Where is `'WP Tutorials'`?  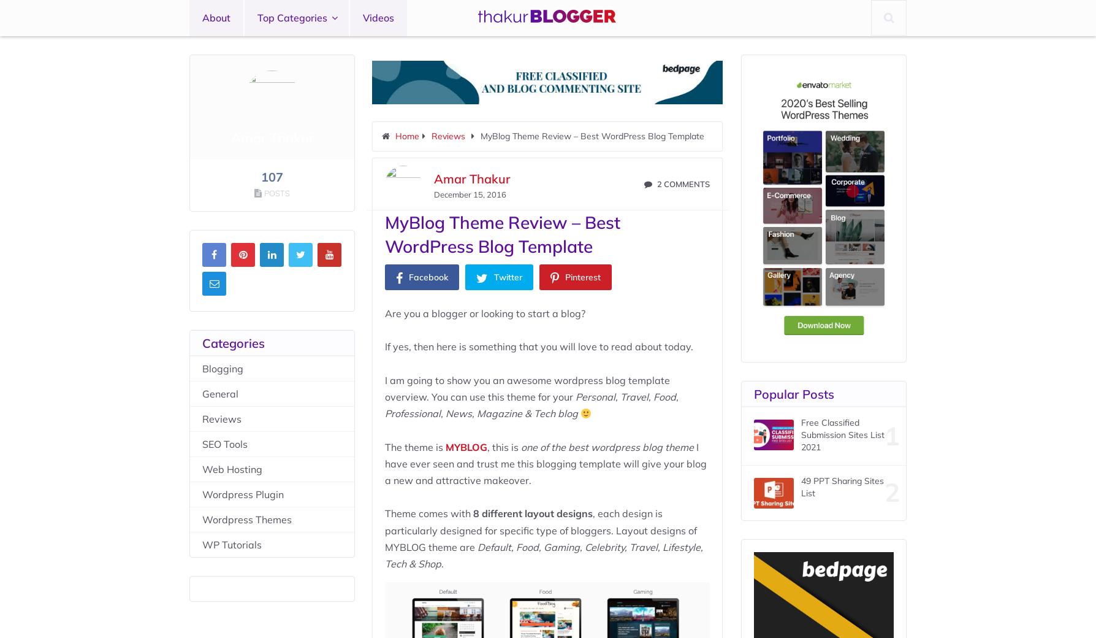 'WP Tutorials' is located at coordinates (231, 544).